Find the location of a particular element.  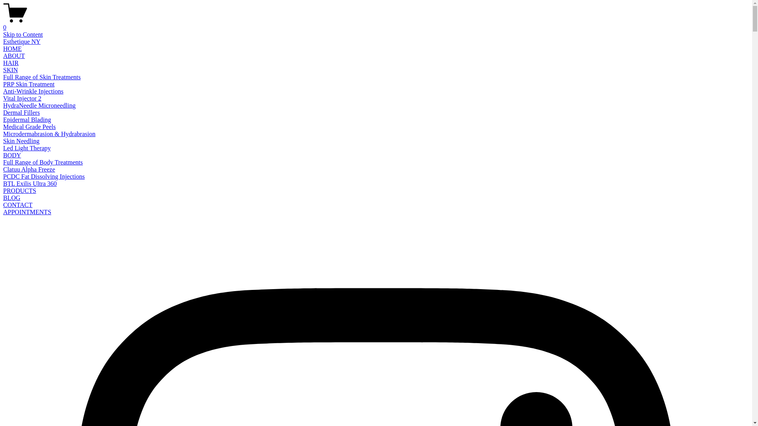

'Led Light Therapy' is located at coordinates (27, 148).